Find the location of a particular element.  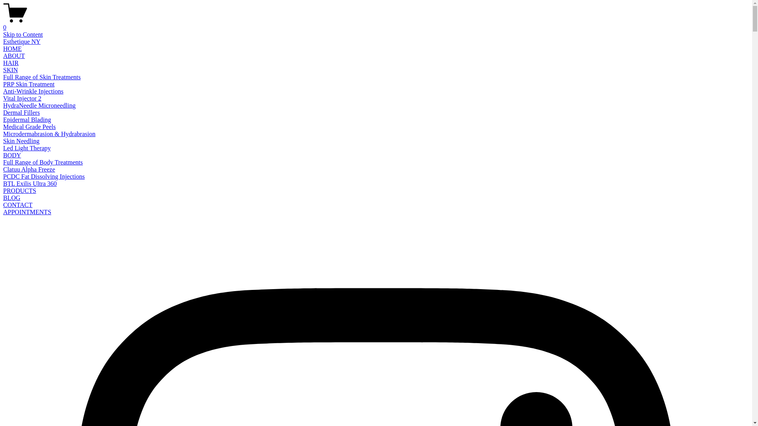

'Led Light Therapy' is located at coordinates (27, 148).